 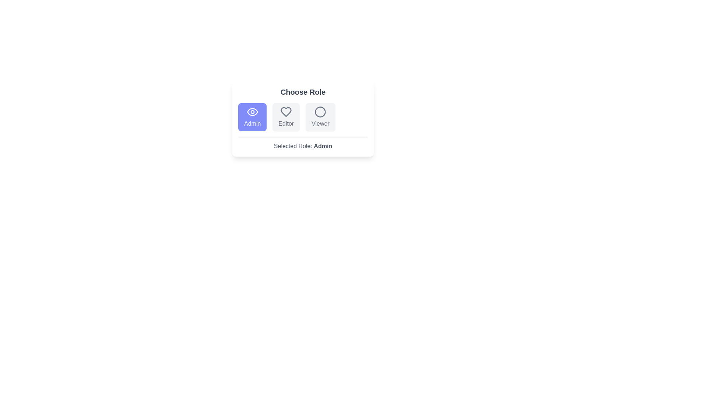 What do you see at coordinates (320, 116) in the screenshot?
I see `keyboard navigation` at bounding box center [320, 116].